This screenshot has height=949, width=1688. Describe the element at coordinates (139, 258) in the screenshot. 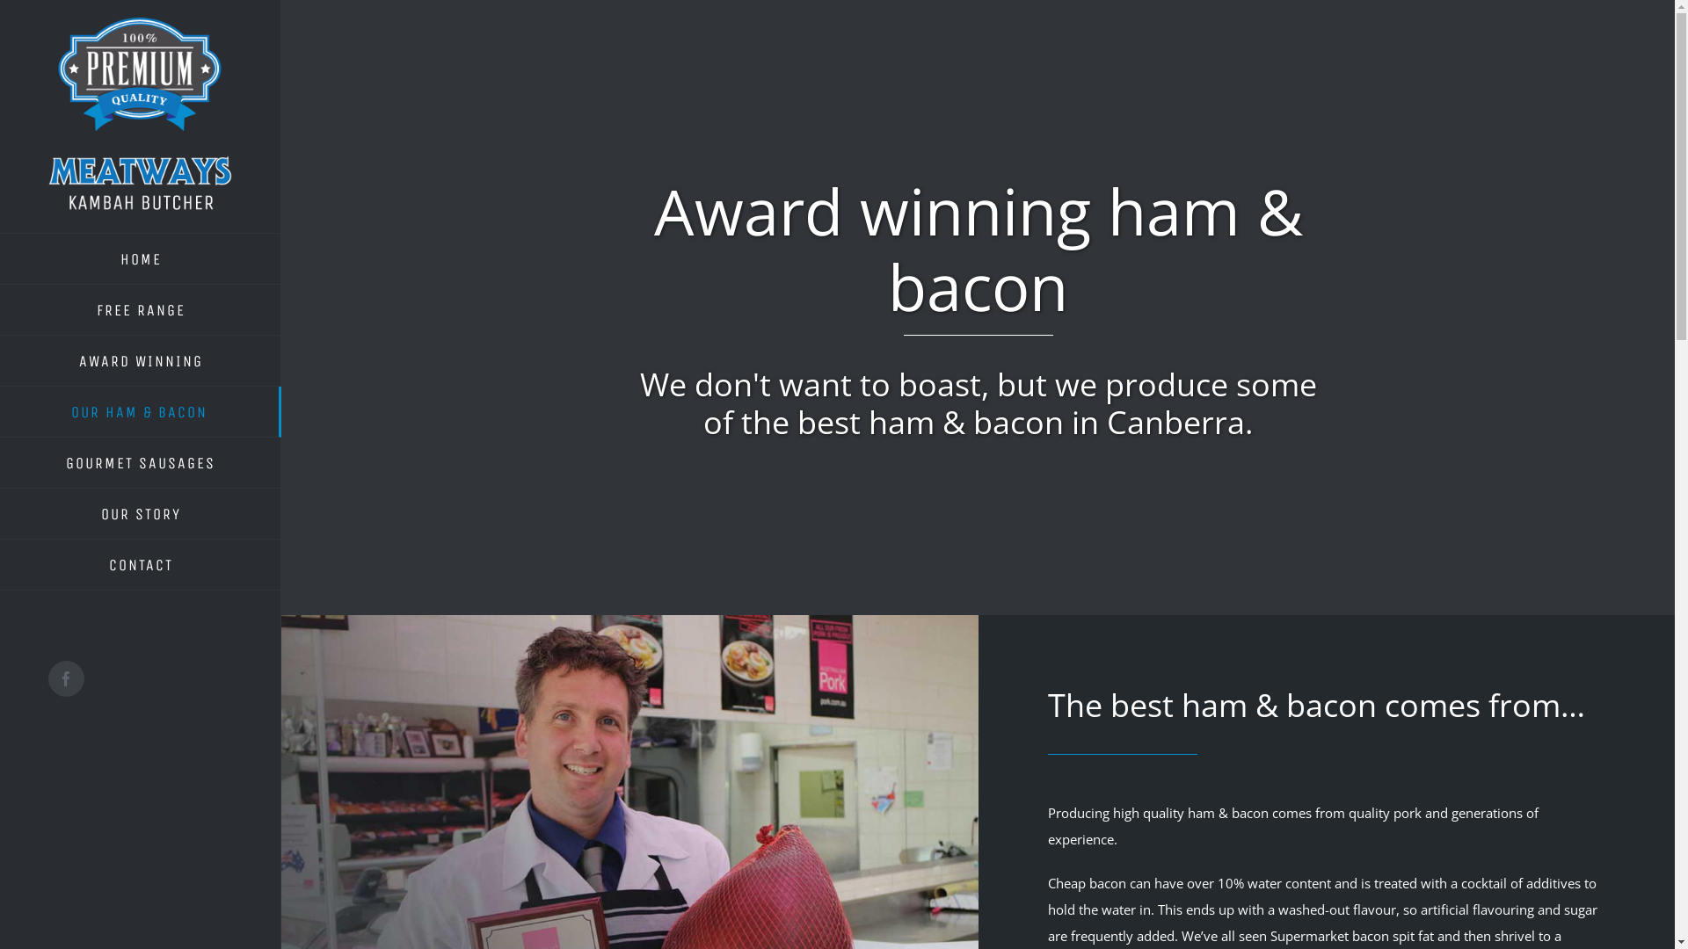

I see `'HOME'` at that location.